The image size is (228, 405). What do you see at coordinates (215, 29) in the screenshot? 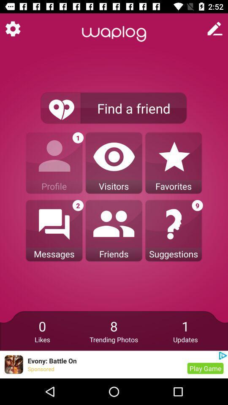
I see `the edit icon` at bounding box center [215, 29].